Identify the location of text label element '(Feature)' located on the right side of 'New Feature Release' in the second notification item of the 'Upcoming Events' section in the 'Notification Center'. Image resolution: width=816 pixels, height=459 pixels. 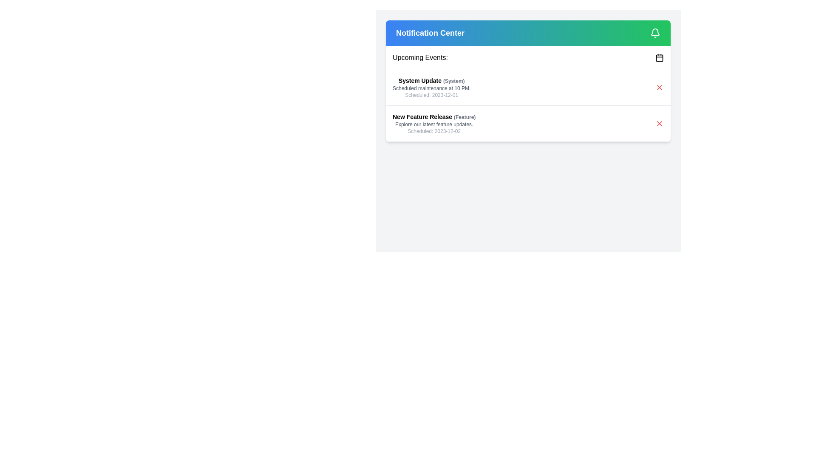
(464, 117).